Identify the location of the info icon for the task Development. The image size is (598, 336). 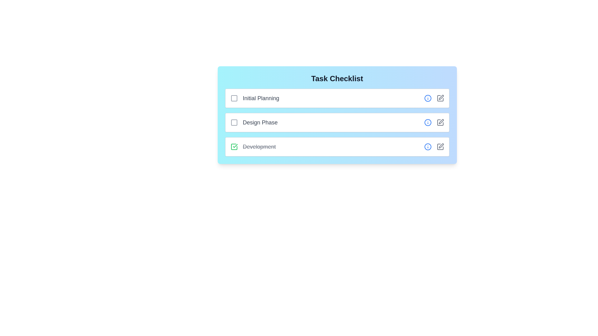
(427, 147).